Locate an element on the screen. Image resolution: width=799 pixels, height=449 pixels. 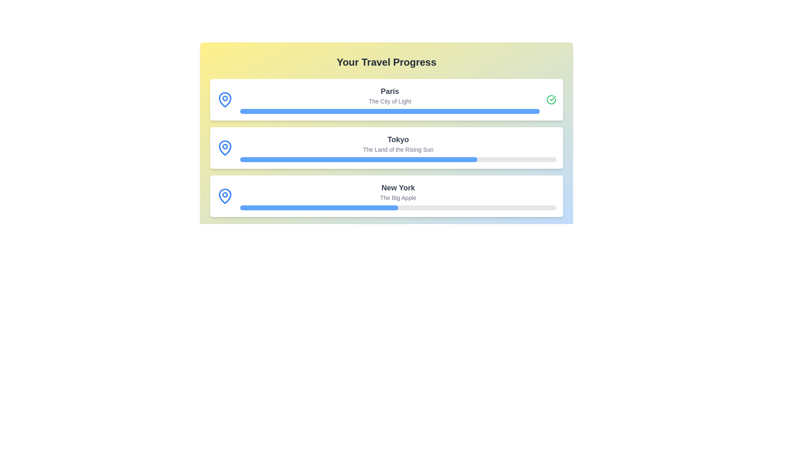
the text label displaying 'Paris', which is styled in bold gray font and located at the top of the interface, above the text 'The City of Light' is located at coordinates (389, 91).